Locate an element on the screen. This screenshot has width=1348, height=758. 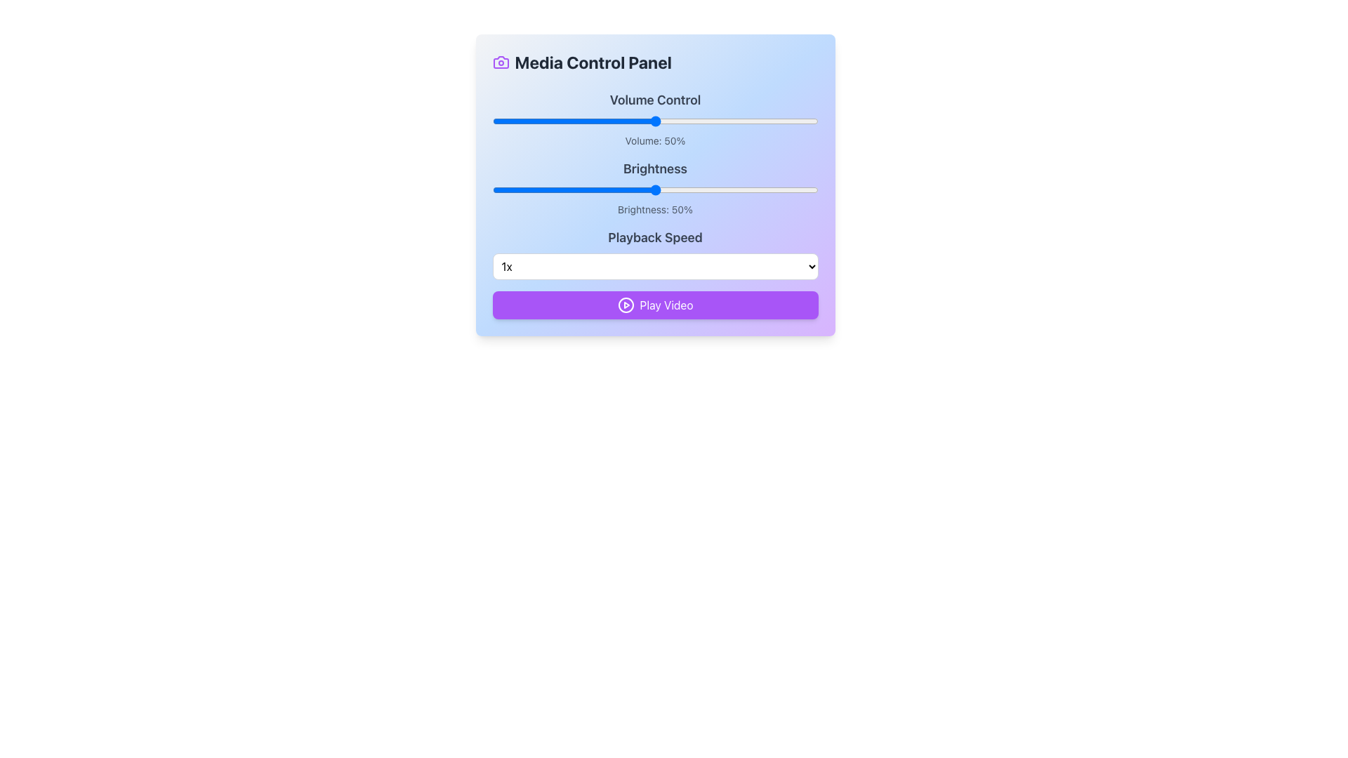
text of the heading element, which serves as the title for the section, located at the top of the card interface is located at coordinates (654, 61).